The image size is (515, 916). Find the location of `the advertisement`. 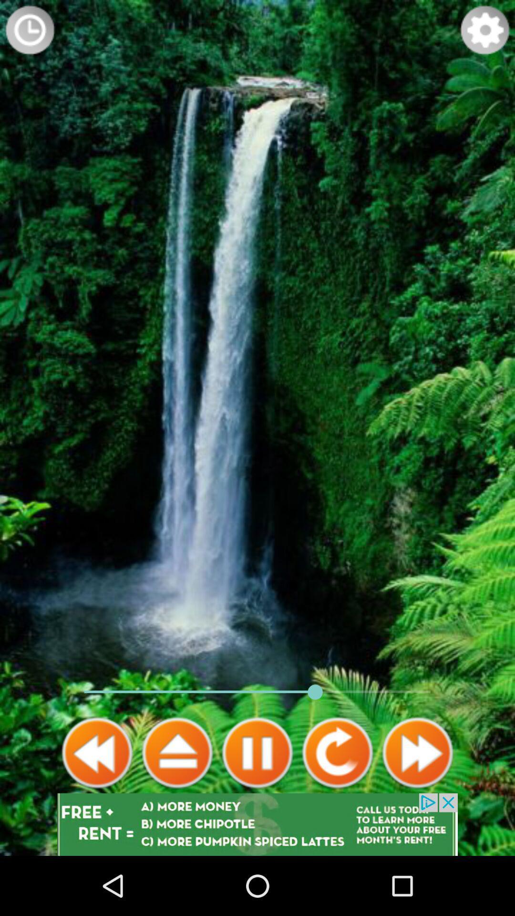

the advertisement is located at coordinates (257, 824).